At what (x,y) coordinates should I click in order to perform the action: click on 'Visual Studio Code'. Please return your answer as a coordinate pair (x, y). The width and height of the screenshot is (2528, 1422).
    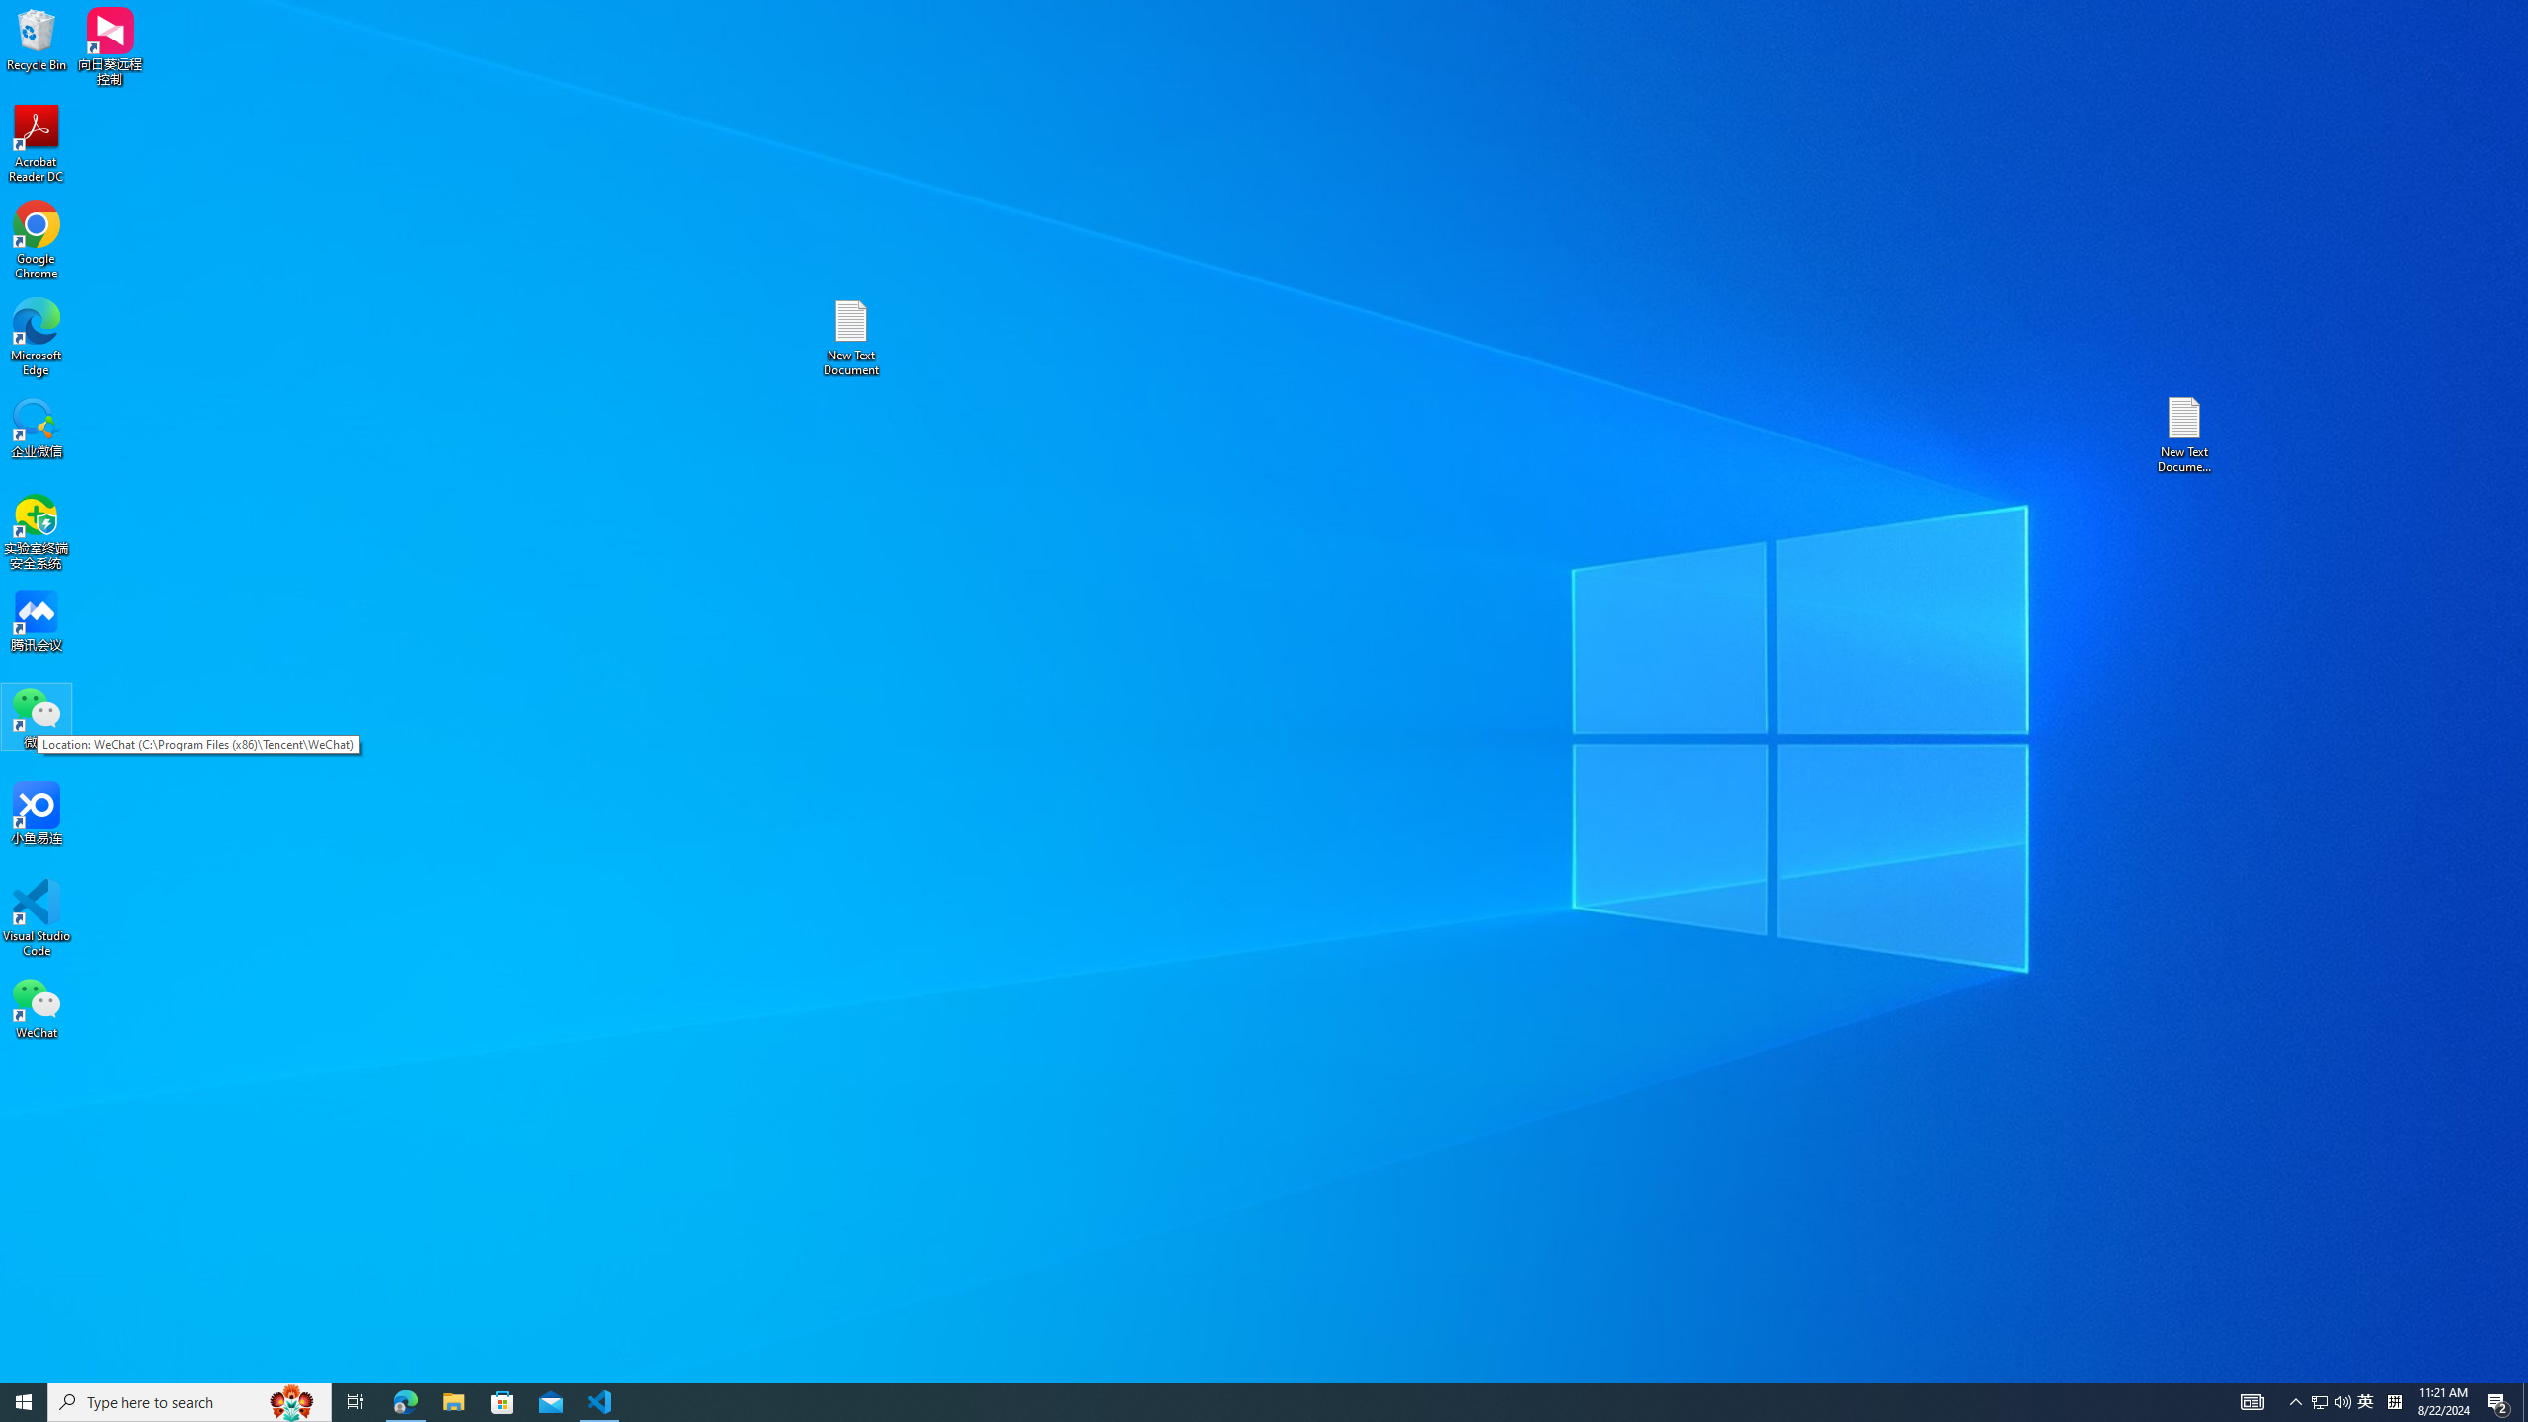
    Looking at the image, I should click on (36, 916).